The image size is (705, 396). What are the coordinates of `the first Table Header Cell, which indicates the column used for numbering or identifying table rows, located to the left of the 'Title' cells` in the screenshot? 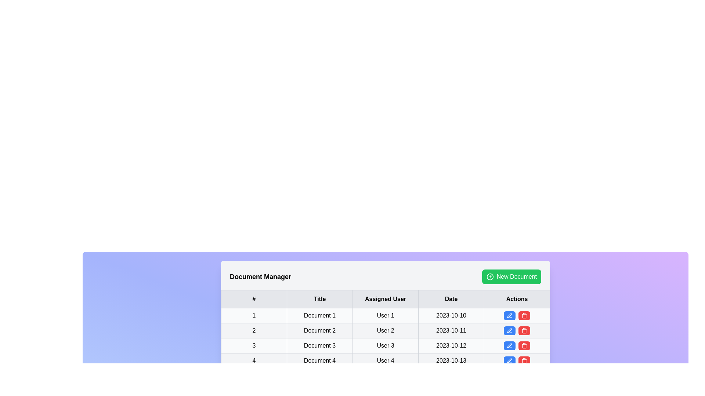 It's located at (254, 299).